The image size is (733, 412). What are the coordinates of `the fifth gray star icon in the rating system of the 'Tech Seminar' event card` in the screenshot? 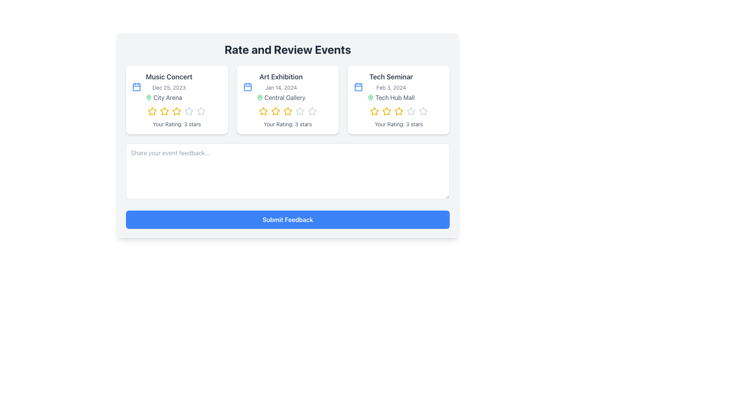 It's located at (423, 111).